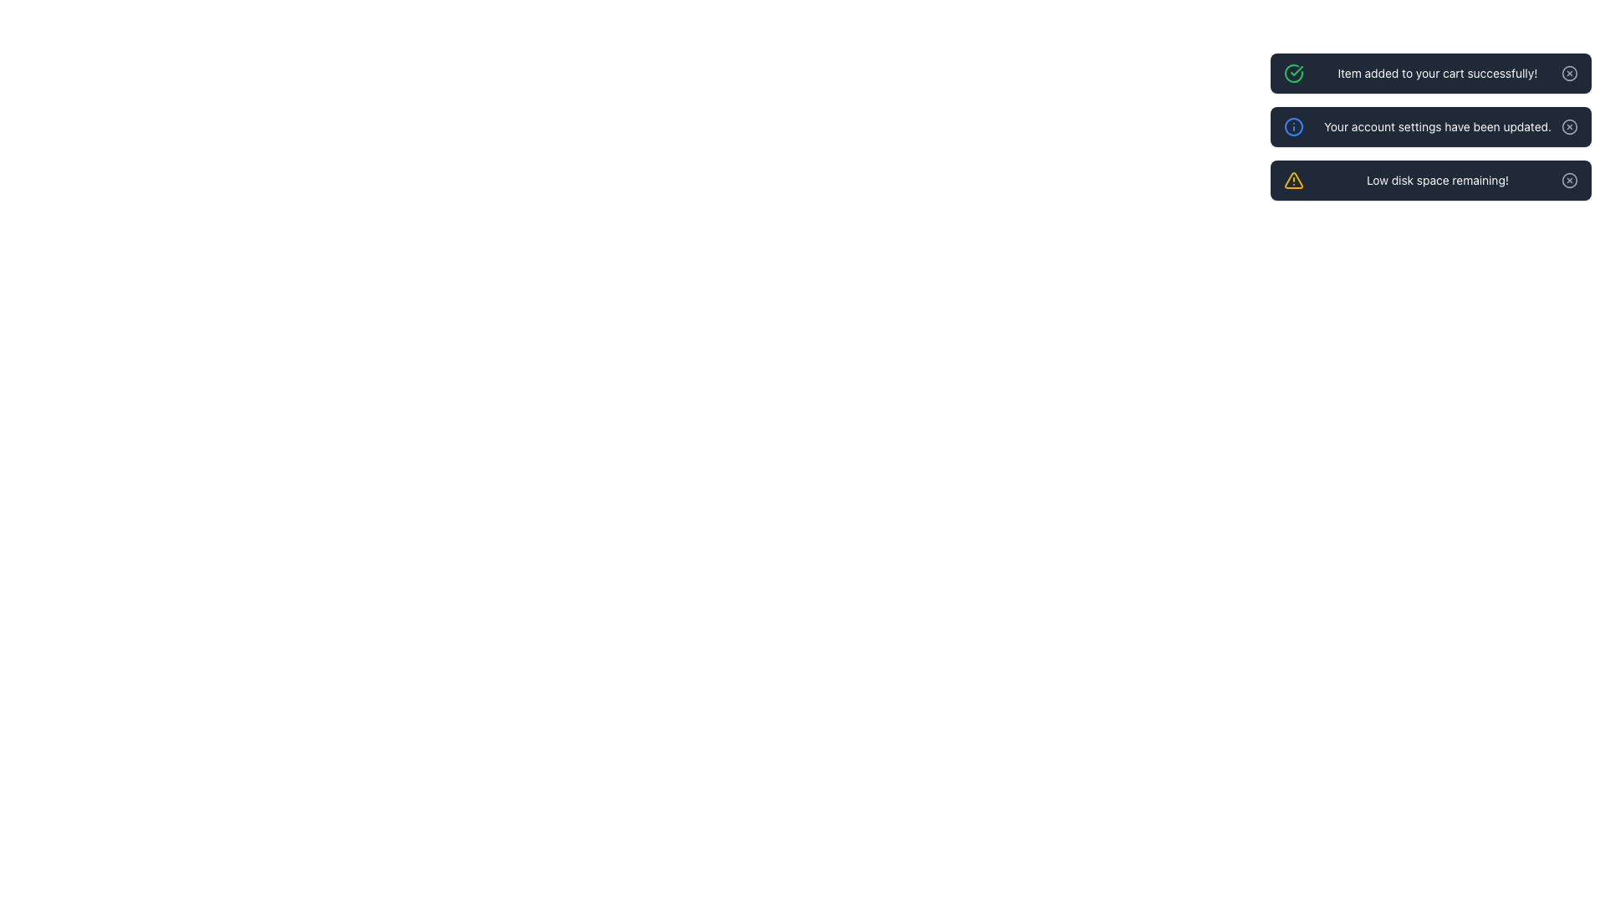  What do you see at coordinates (1568, 73) in the screenshot?
I see `the SVG circle element that serves as the 'close' button for dismissing notifications located in the top-right corner of the interface` at bounding box center [1568, 73].